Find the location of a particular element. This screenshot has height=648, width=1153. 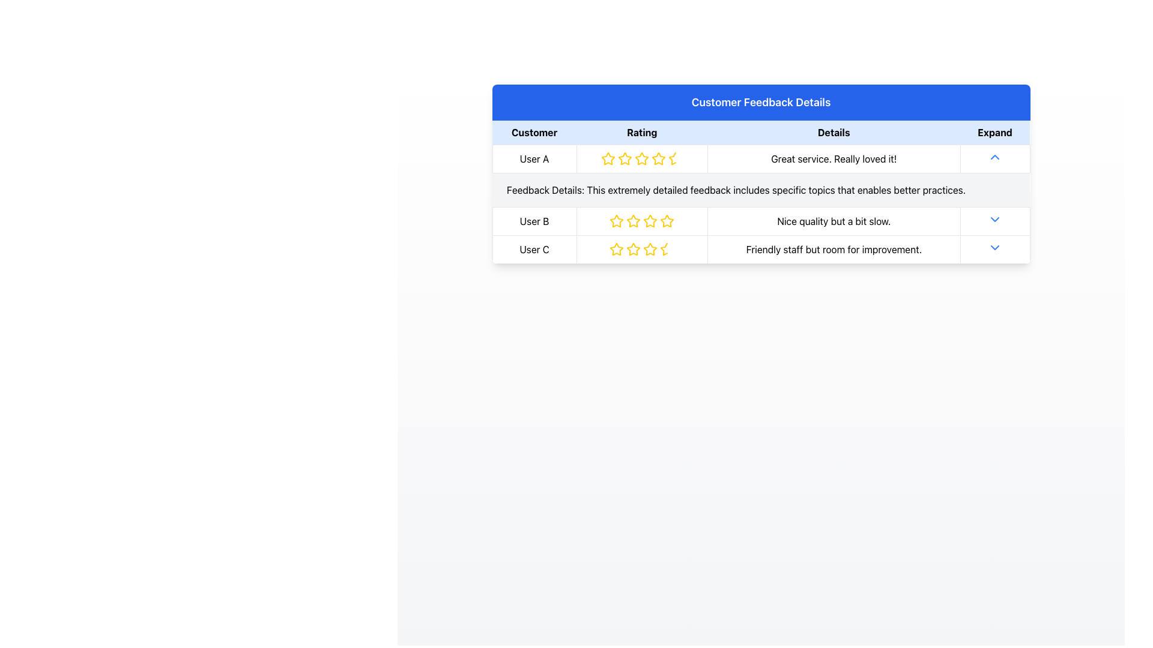

the fourth star icon is located at coordinates (650, 249).